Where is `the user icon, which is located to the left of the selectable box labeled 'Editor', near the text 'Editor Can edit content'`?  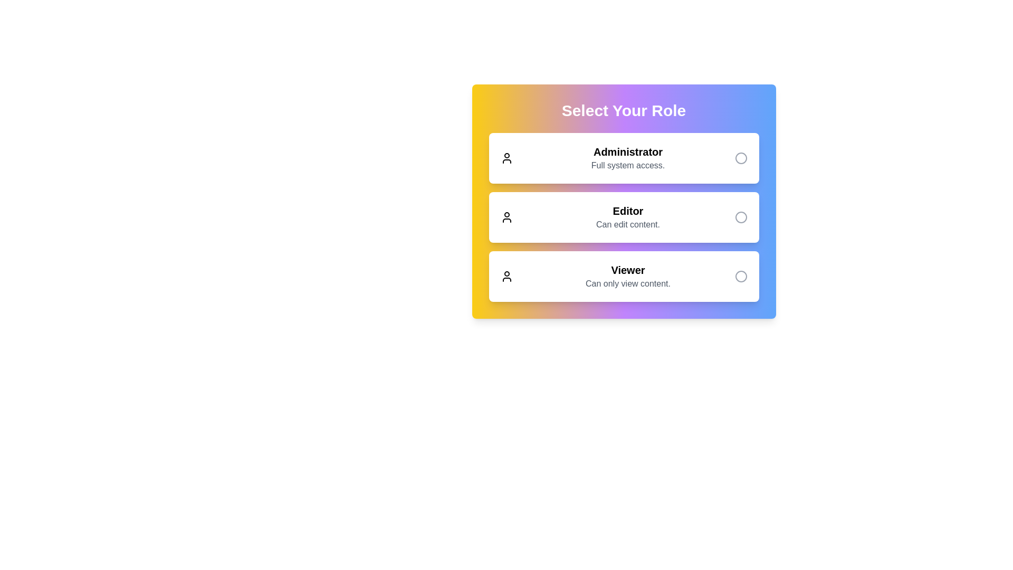 the user icon, which is located to the left of the selectable box labeled 'Editor', near the text 'Editor Can edit content' is located at coordinates (506, 217).